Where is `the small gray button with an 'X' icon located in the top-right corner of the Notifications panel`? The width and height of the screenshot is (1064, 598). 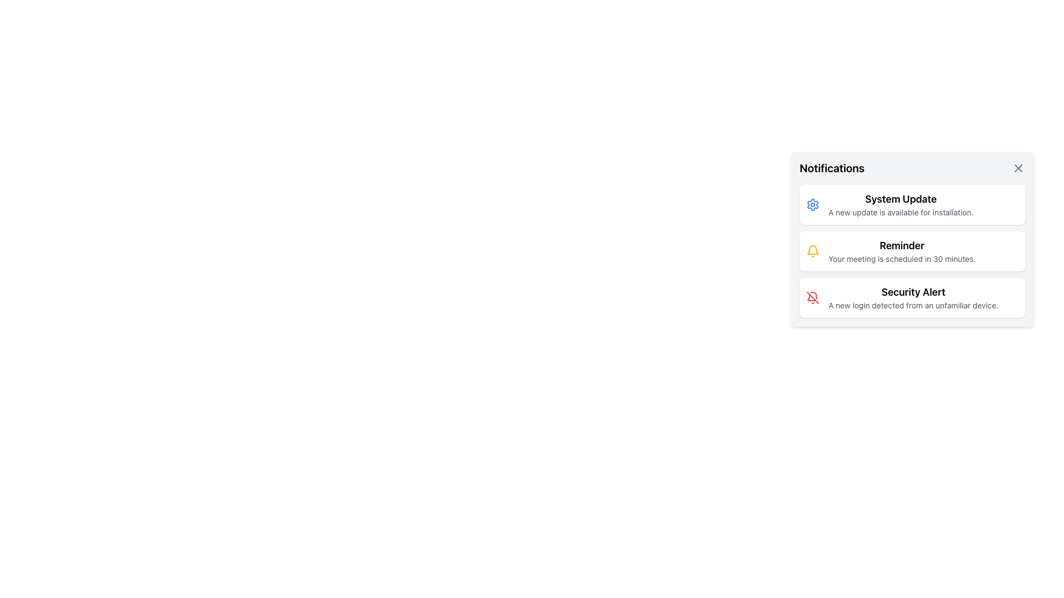 the small gray button with an 'X' icon located in the top-right corner of the Notifications panel is located at coordinates (1019, 168).